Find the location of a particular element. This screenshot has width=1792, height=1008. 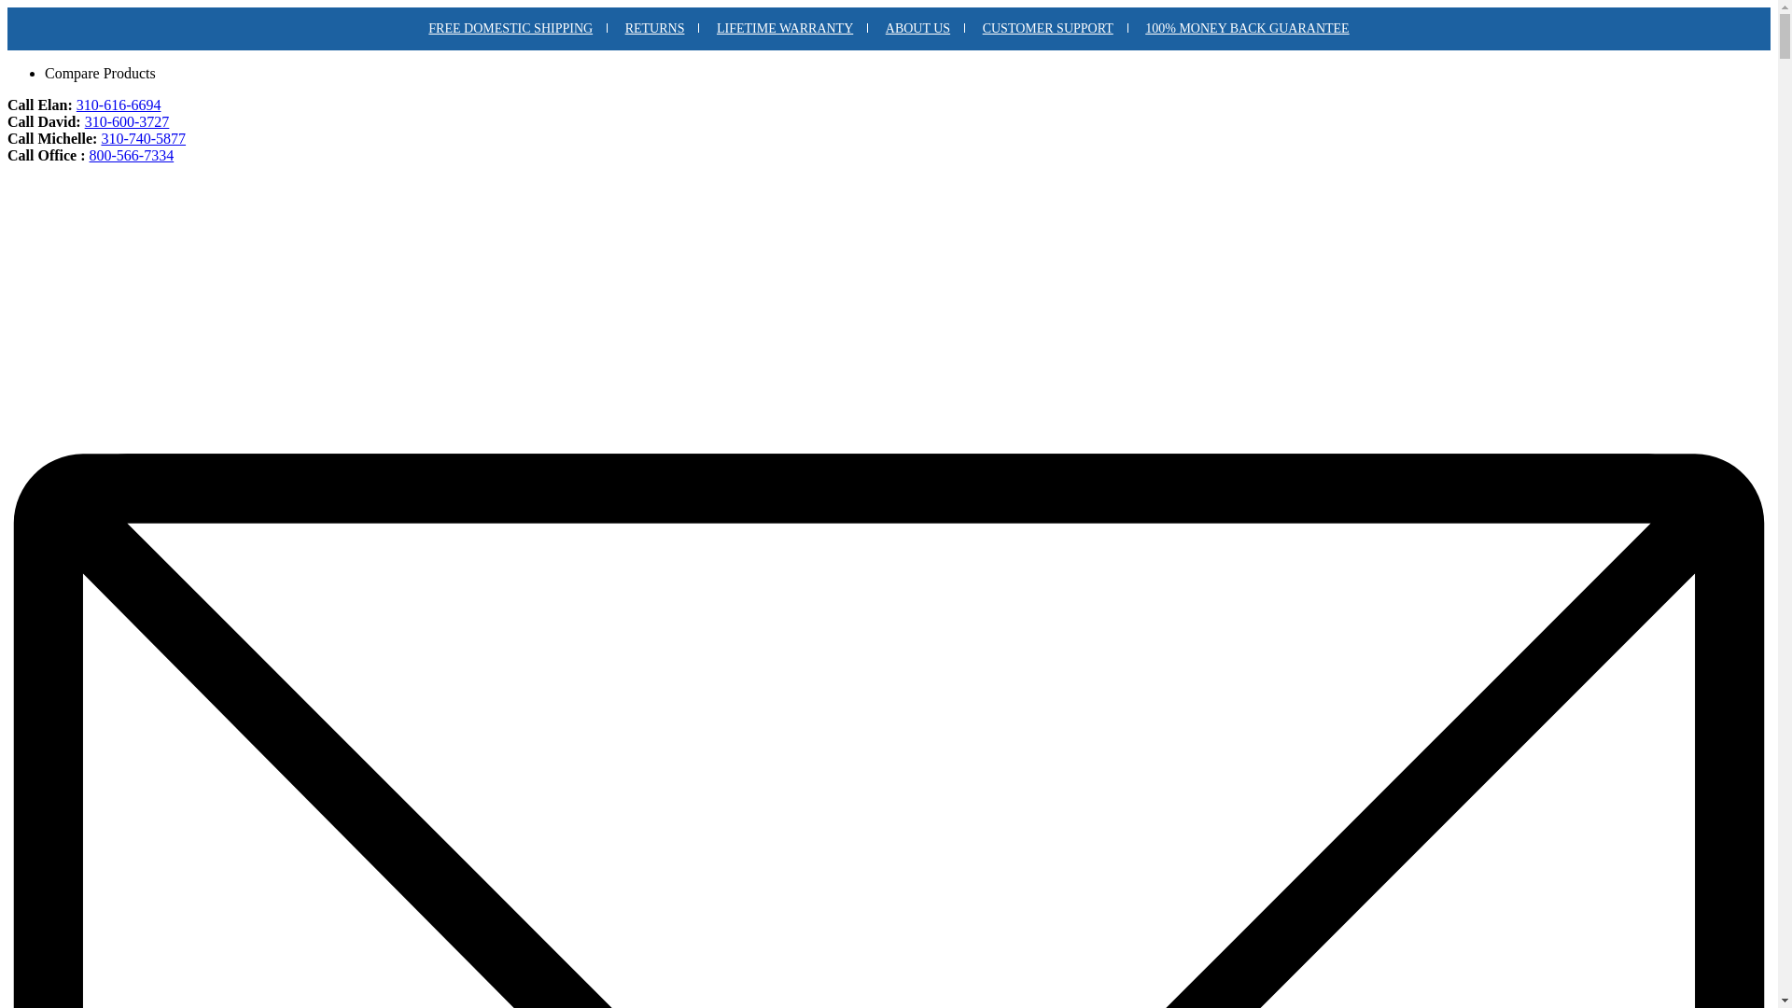

'RETURNS' is located at coordinates (655, 28).